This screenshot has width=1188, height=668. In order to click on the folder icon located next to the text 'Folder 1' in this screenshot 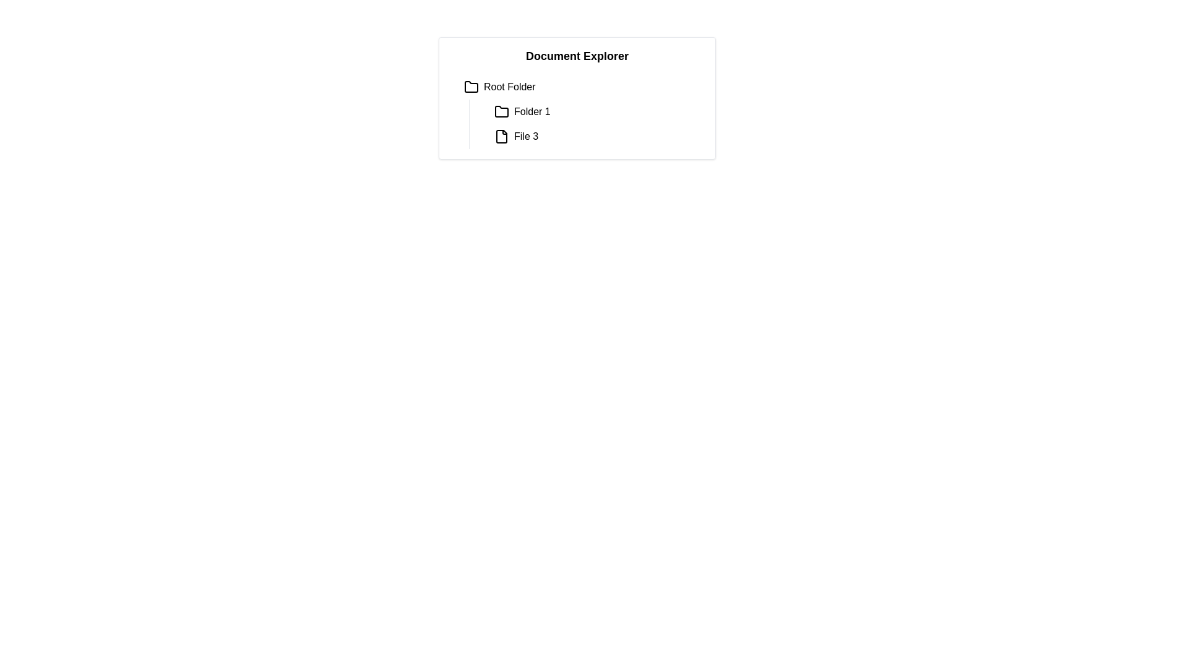, I will do `click(502, 112)`.